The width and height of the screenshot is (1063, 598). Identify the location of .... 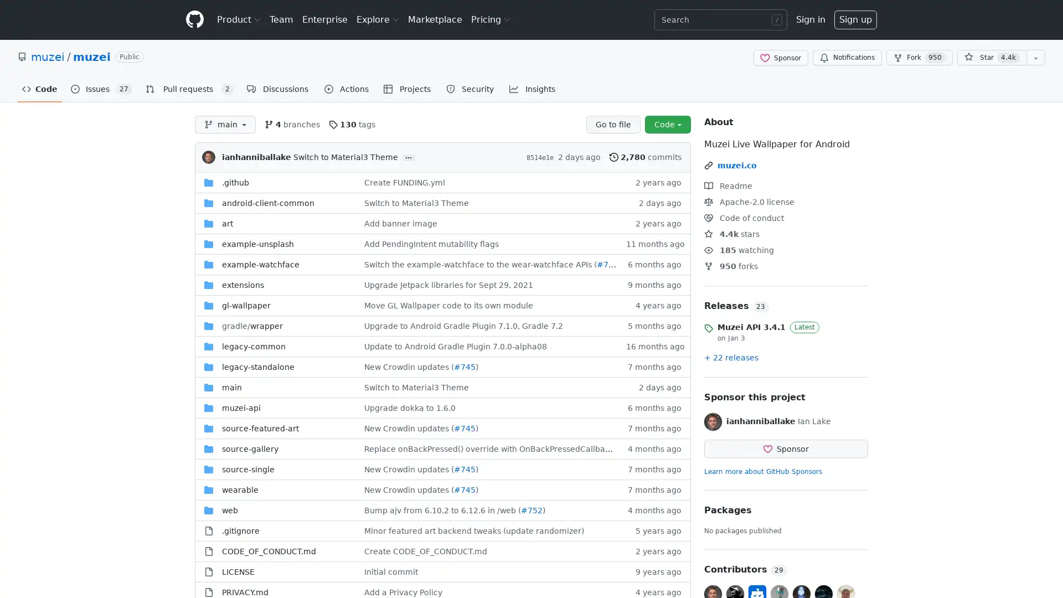
(408, 157).